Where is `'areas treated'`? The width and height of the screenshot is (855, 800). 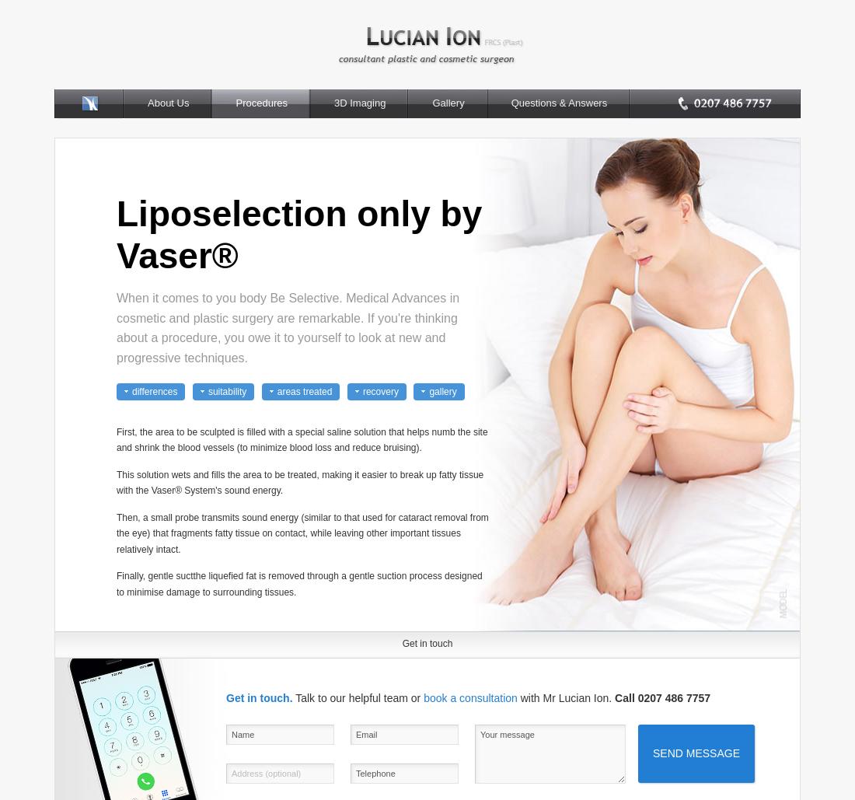
'areas treated' is located at coordinates (304, 390).